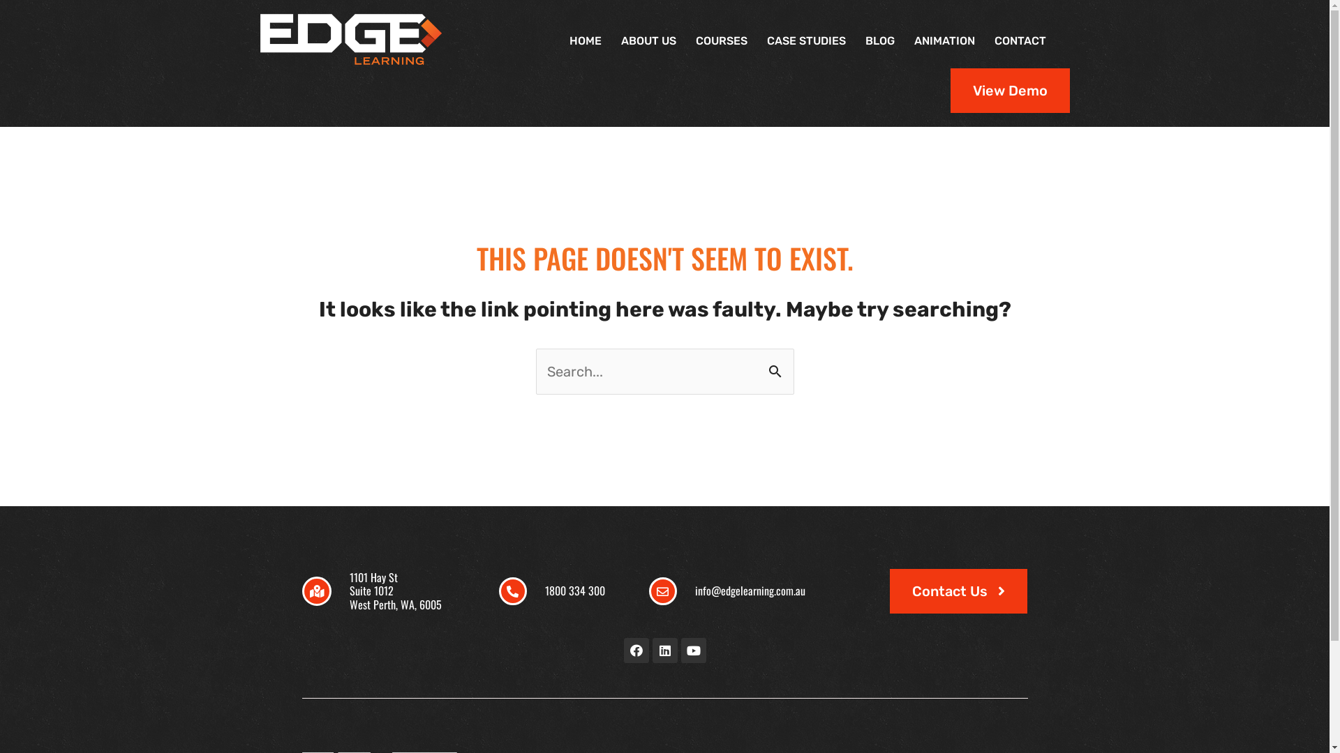  What do you see at coordinates (680, 651) in the screenshot?
I see `'Youtube'` at bounding box center [680, 651].